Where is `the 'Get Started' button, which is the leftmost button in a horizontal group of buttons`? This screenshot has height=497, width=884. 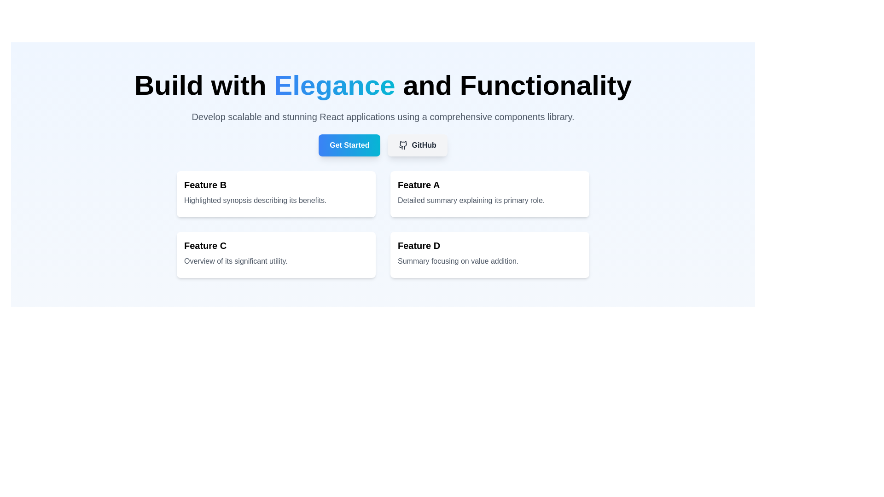
the 'Get Started' button, which is the leftmost button in a horizontal group of buttons is located at coordinates (349, 145).